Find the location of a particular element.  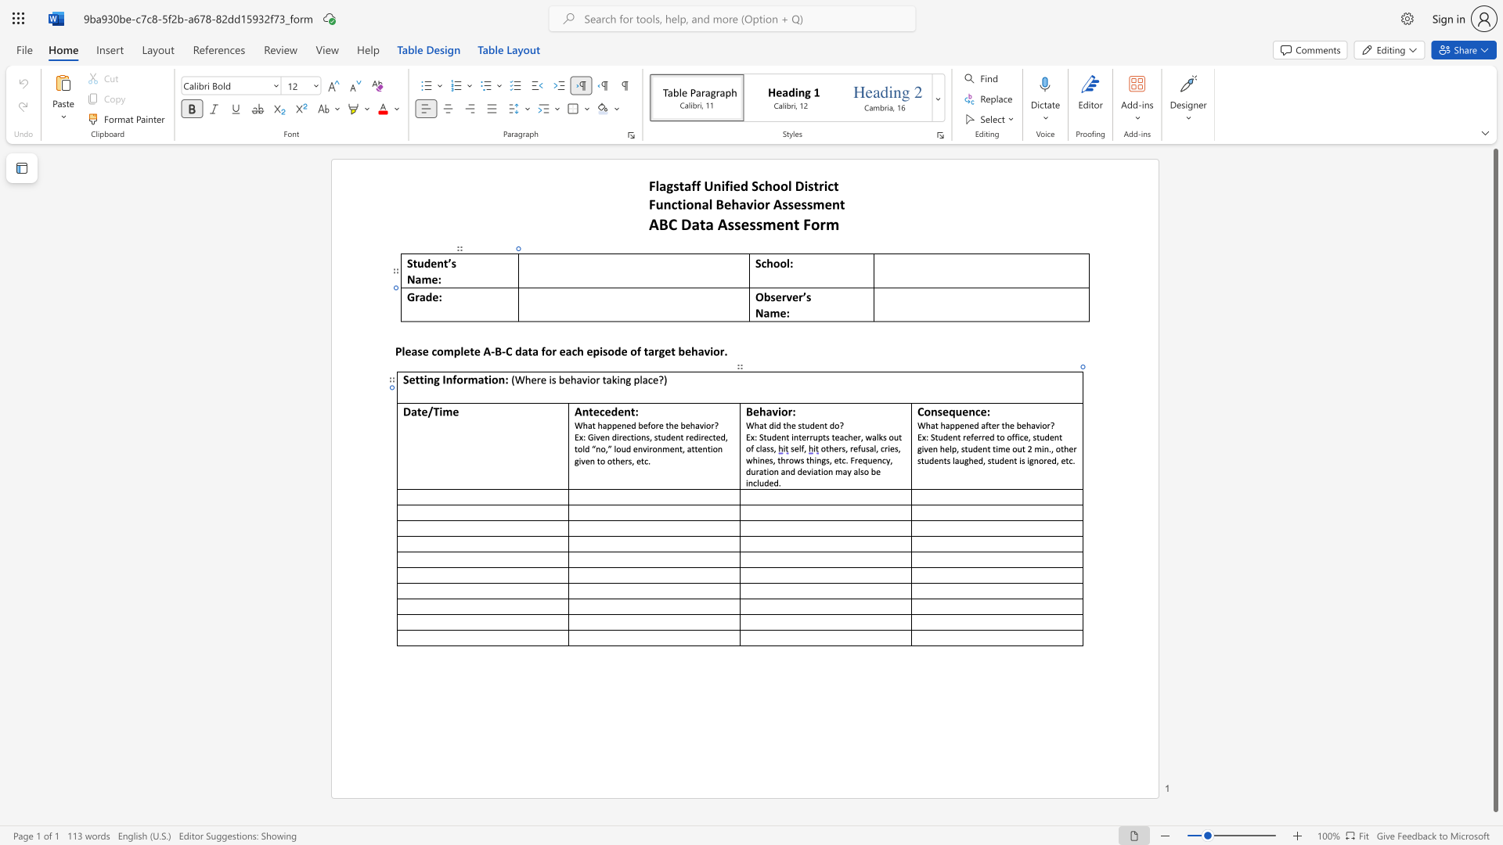

the 1th character "d" in the text is located at coordinates (613, 411).